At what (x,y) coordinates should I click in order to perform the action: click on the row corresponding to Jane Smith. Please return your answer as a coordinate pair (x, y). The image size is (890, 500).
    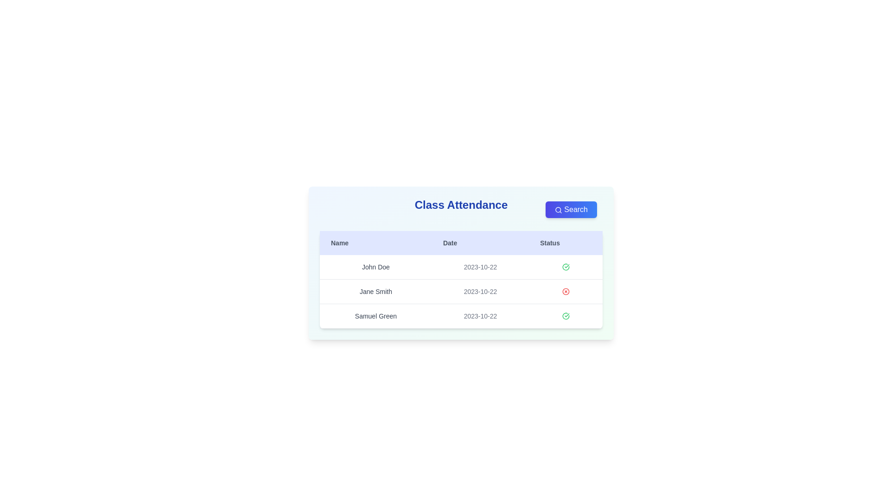
    Looking at the image, I should click on (461, 291).